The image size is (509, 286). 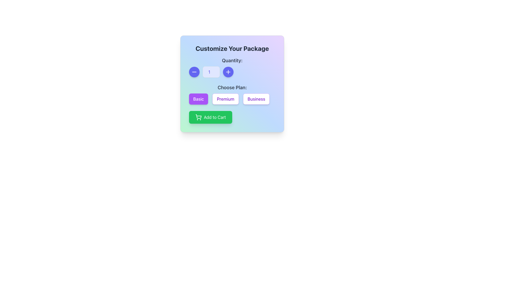 I want to click on the quantity increase button located near the center-right of the 'Quantity' section to observe the hover feedback, so click(x=228, y=72).